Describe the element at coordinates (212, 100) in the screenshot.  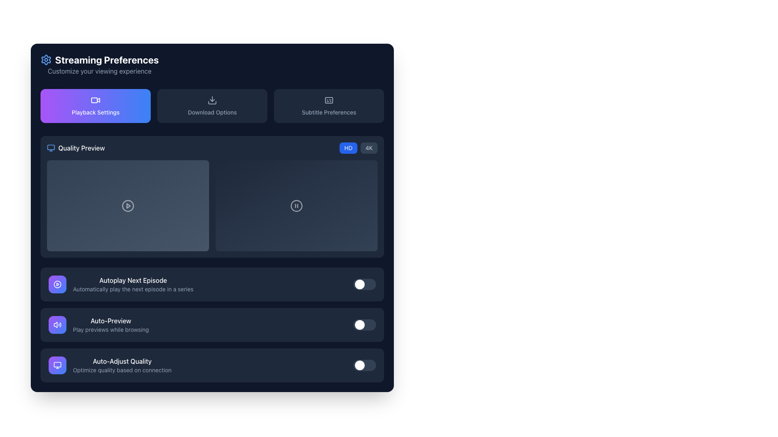
I see `the 'Download Options' button which contains the graphical icon indicating download actions, located as the second option in the horizontal menu at the top of the interface` at that location.